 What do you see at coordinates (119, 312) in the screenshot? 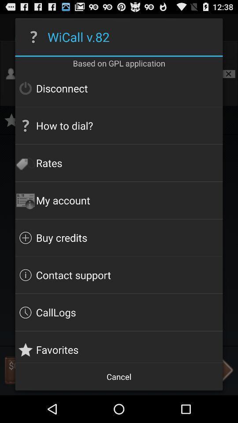
I see `the icon below the contact support item` at bounding box center [119, 312].